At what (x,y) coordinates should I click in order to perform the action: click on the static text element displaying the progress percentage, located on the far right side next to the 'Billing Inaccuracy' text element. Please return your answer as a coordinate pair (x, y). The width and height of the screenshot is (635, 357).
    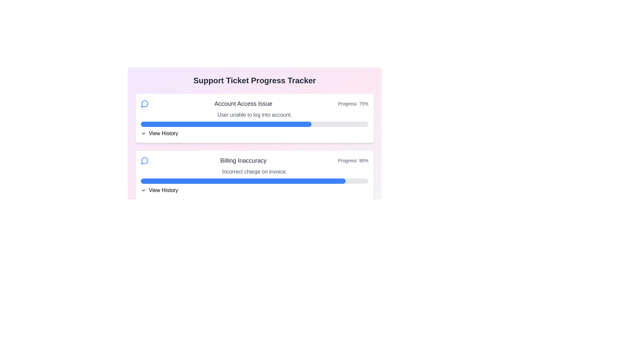
    Looking at the image, I should click on (353, 161).